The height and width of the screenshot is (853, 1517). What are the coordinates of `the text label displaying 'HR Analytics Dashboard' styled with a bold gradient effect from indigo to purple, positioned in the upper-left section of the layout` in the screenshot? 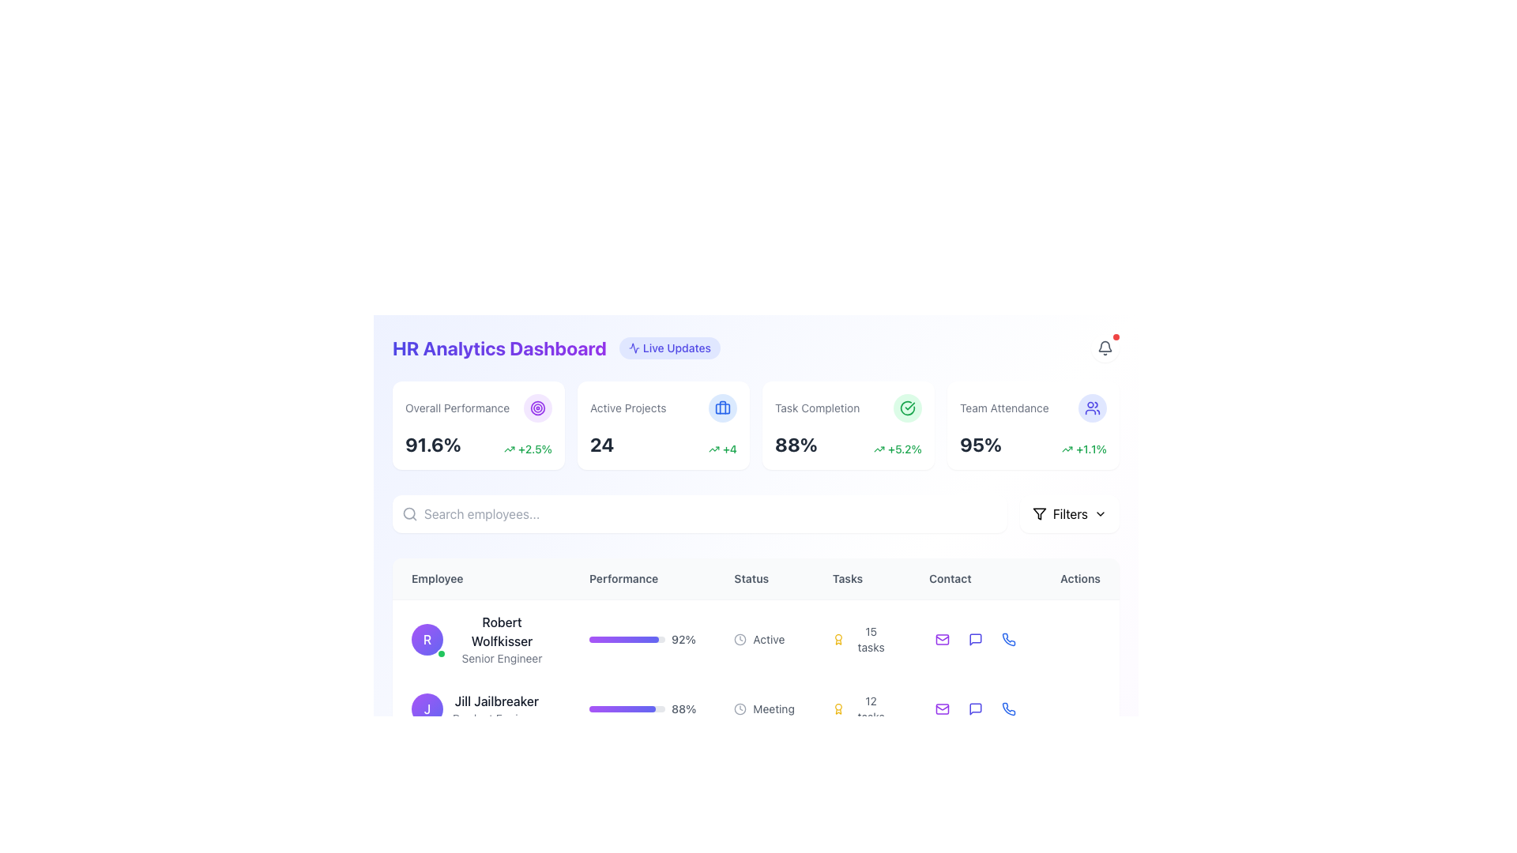 It's located at (499, 347).